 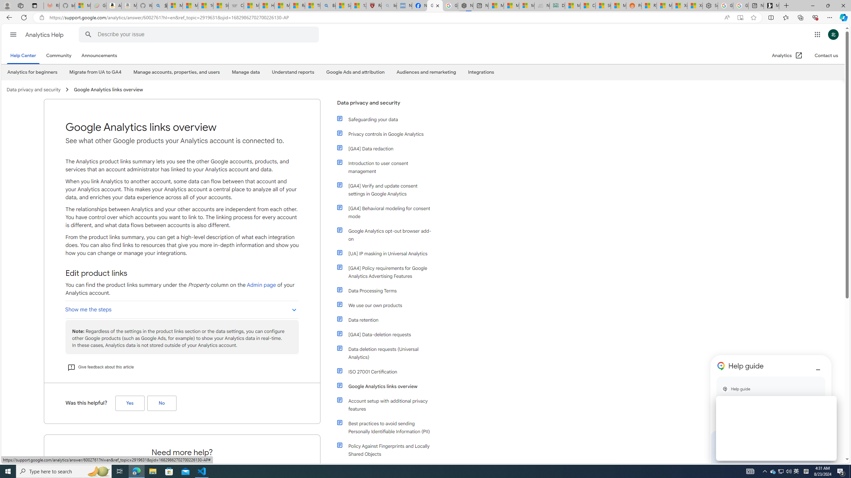 I want to click on 'DITOGAMES AG Imprint', so click(x=557, y=5).